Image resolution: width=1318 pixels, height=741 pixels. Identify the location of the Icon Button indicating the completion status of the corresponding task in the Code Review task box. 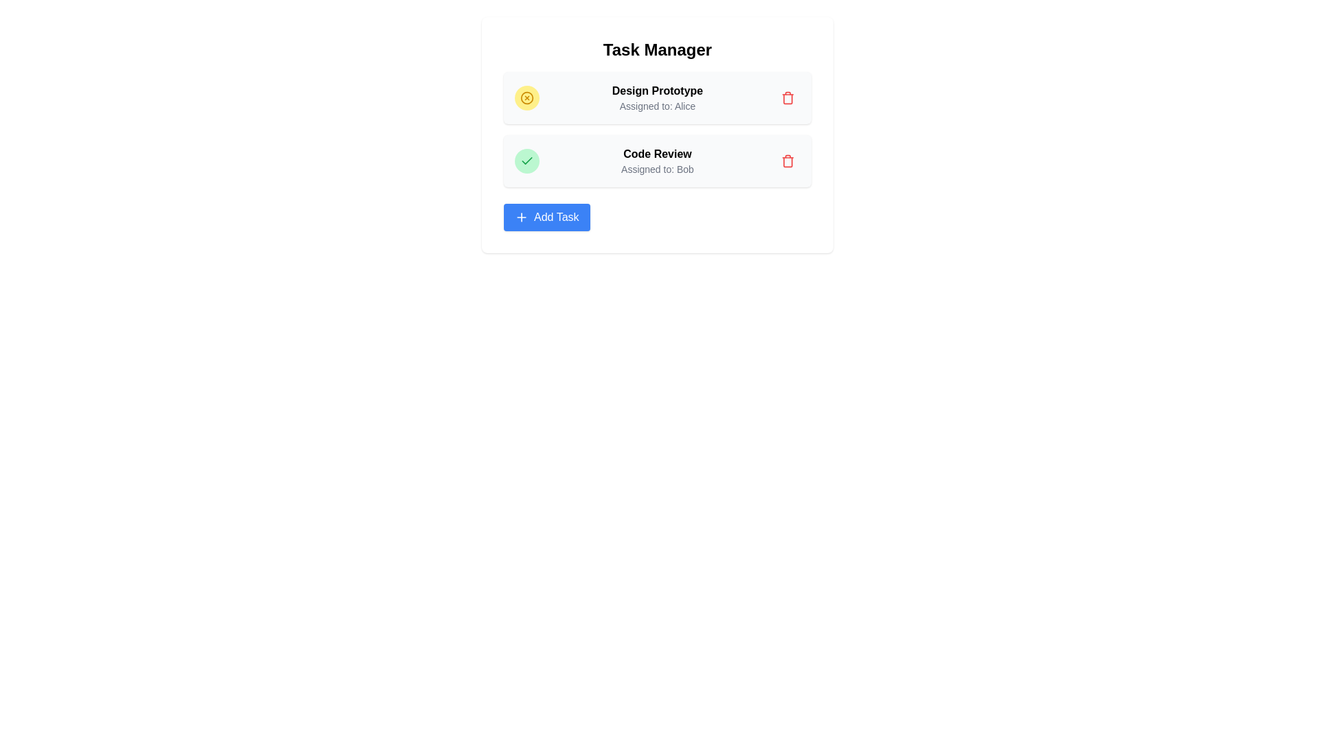
(527, 161).